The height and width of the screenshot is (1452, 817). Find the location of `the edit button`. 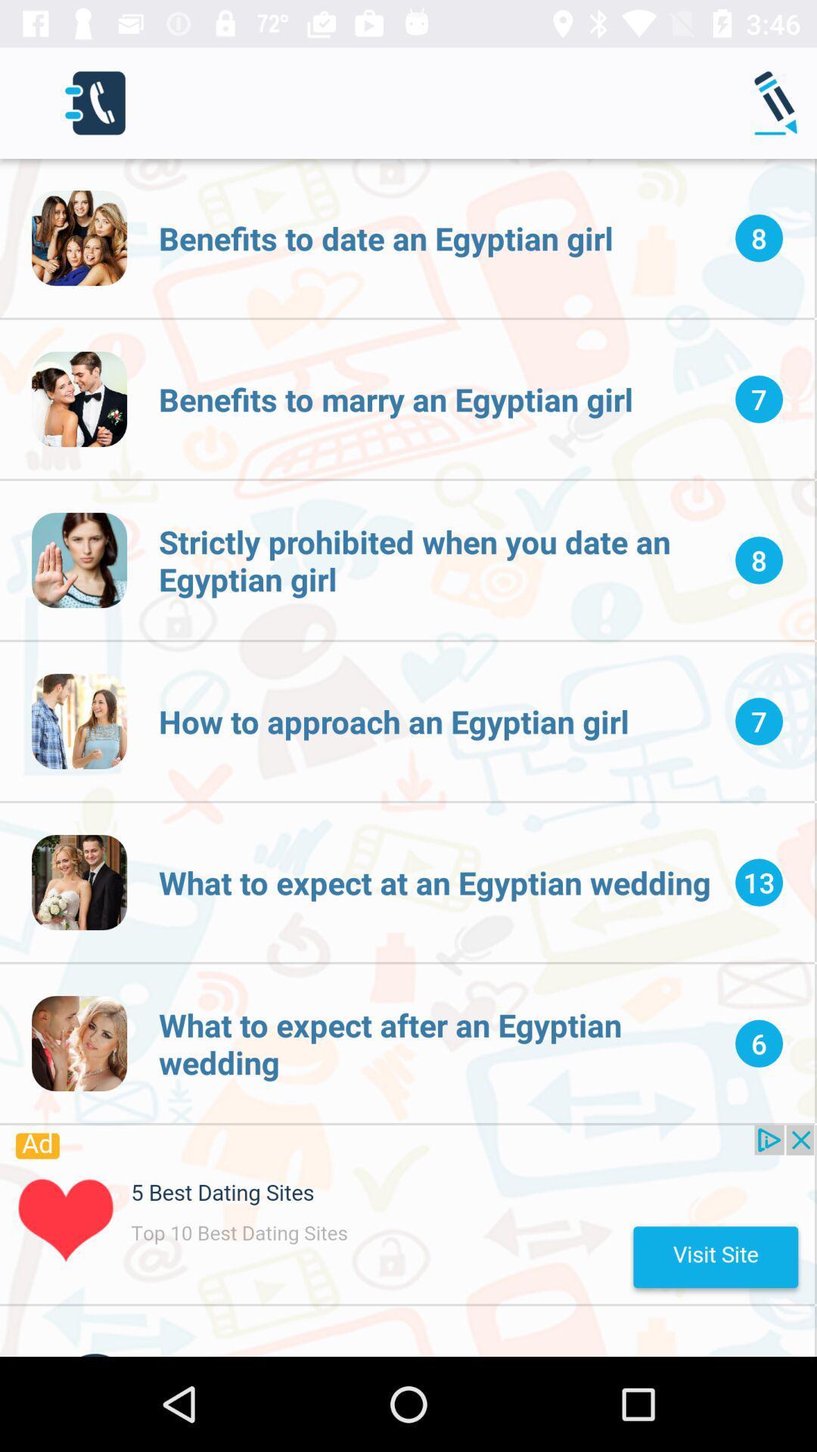

the edit button is located at coordinates (779, 103).